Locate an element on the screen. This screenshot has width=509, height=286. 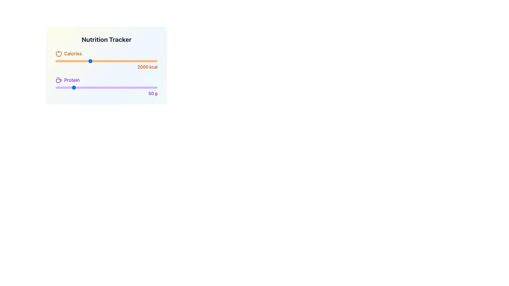
protein quantity is located at coordinates (102, 87).